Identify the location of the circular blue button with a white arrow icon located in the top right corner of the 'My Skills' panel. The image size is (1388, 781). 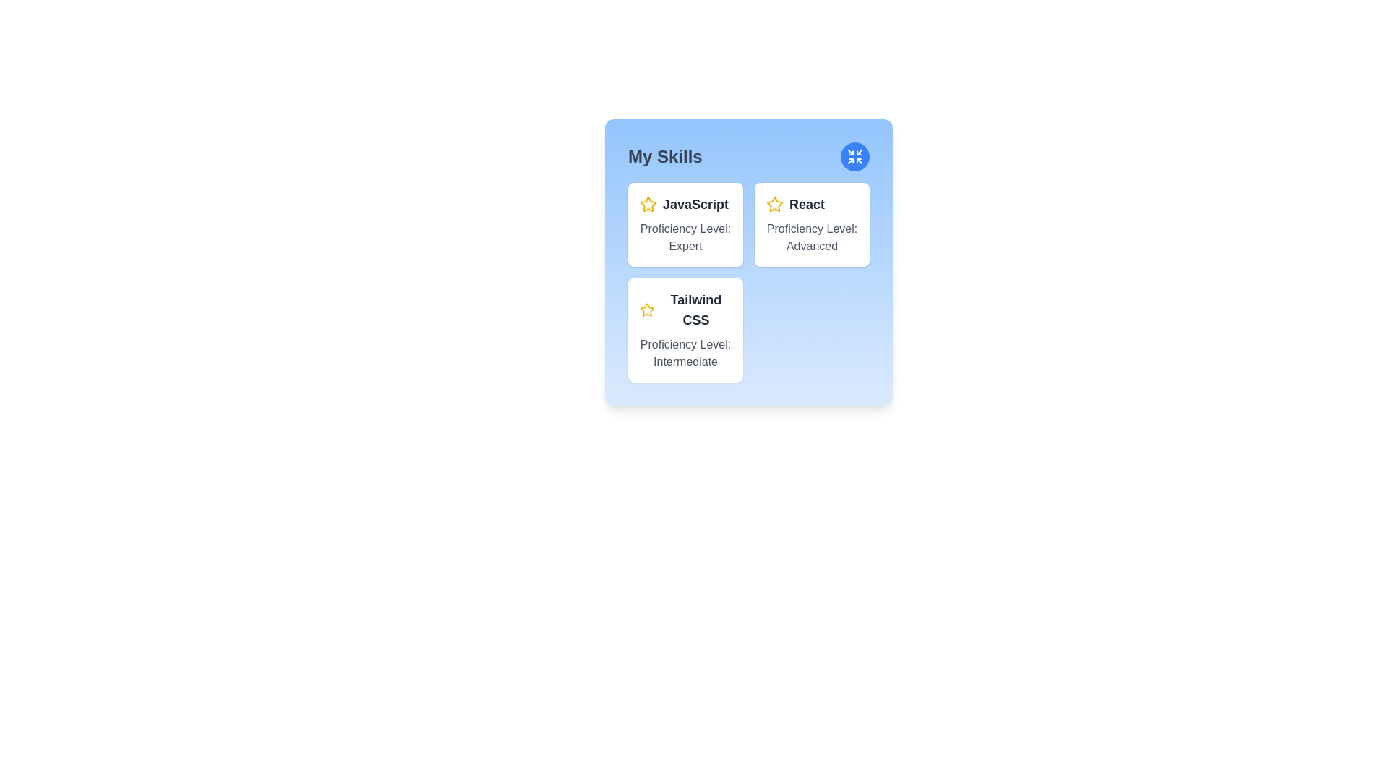
(854, 156).